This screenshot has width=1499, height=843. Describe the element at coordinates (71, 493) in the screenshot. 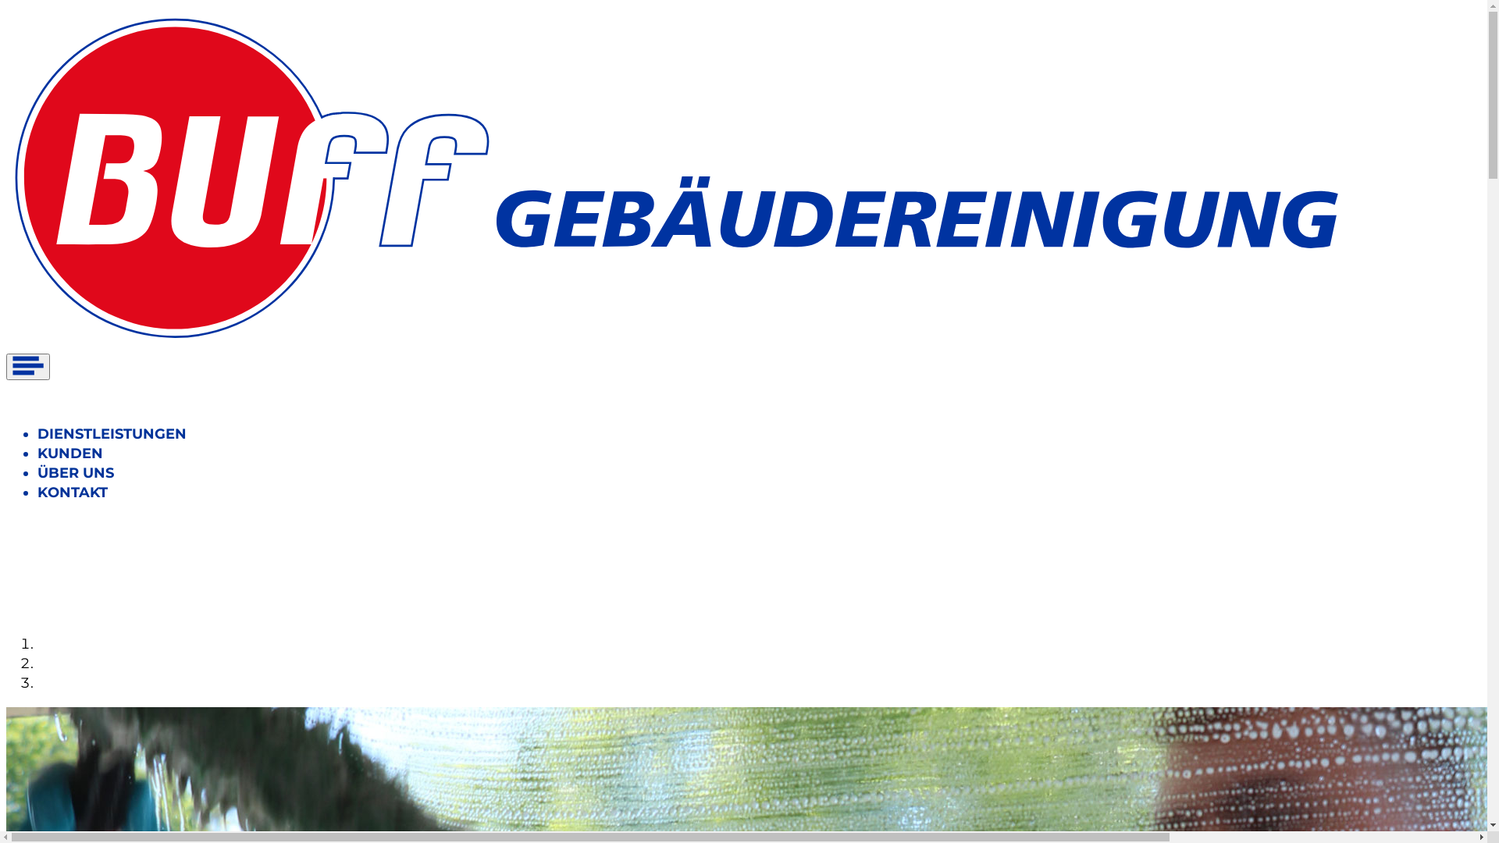

I see `'KONTAKT'` at that location.